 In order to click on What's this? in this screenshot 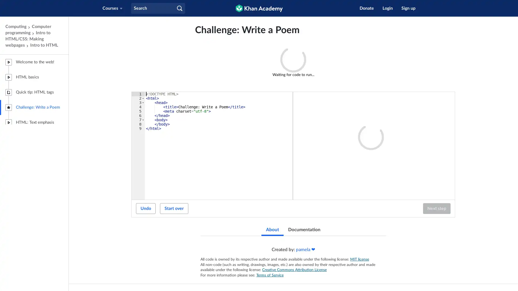, I will do `click(388, 45)`.